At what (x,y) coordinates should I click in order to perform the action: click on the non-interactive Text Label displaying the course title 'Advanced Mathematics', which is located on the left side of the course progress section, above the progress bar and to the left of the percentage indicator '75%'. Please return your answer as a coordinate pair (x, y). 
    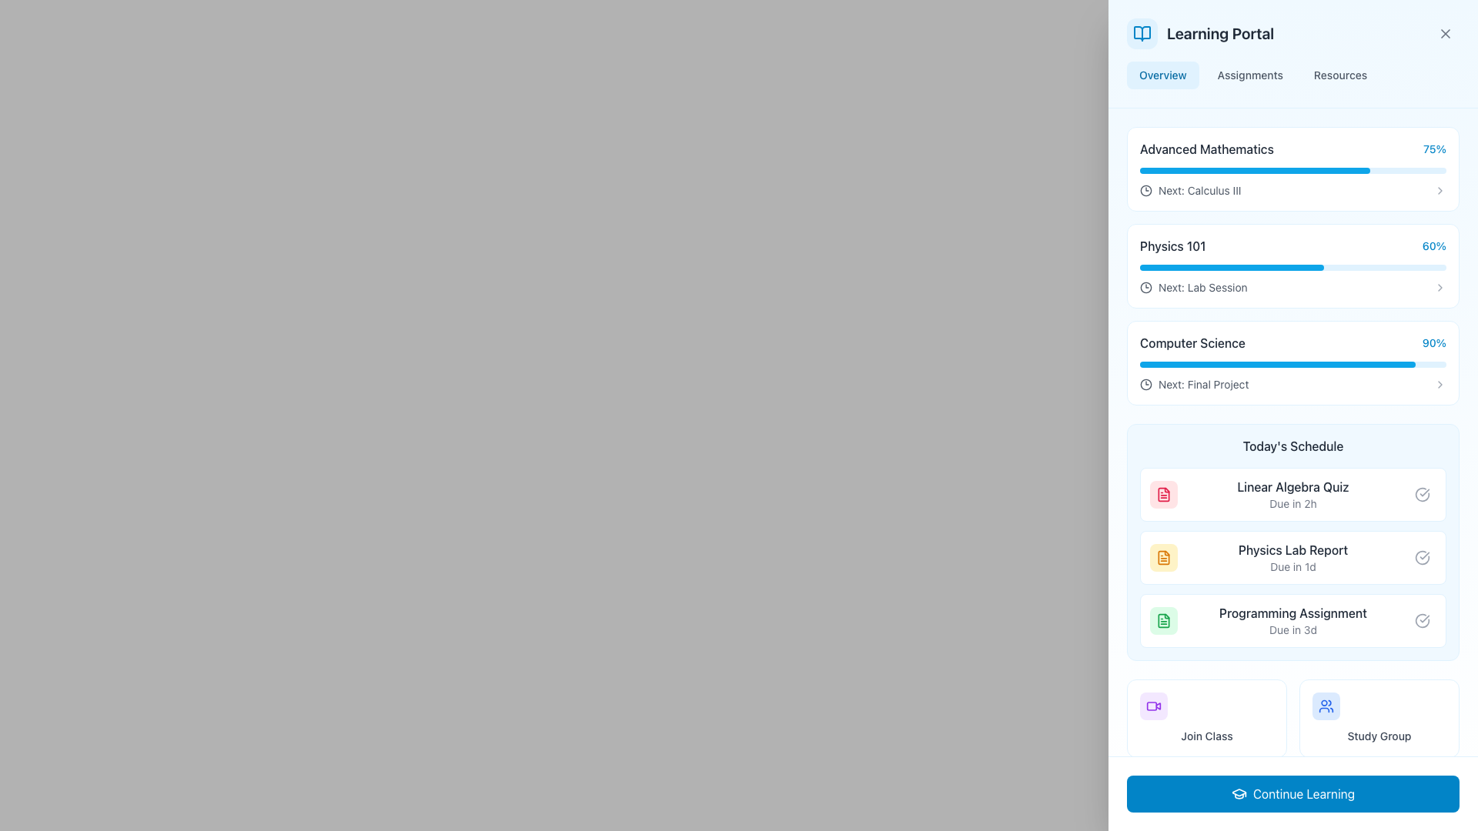
    Looking at the image, I should click on (1205, 149).